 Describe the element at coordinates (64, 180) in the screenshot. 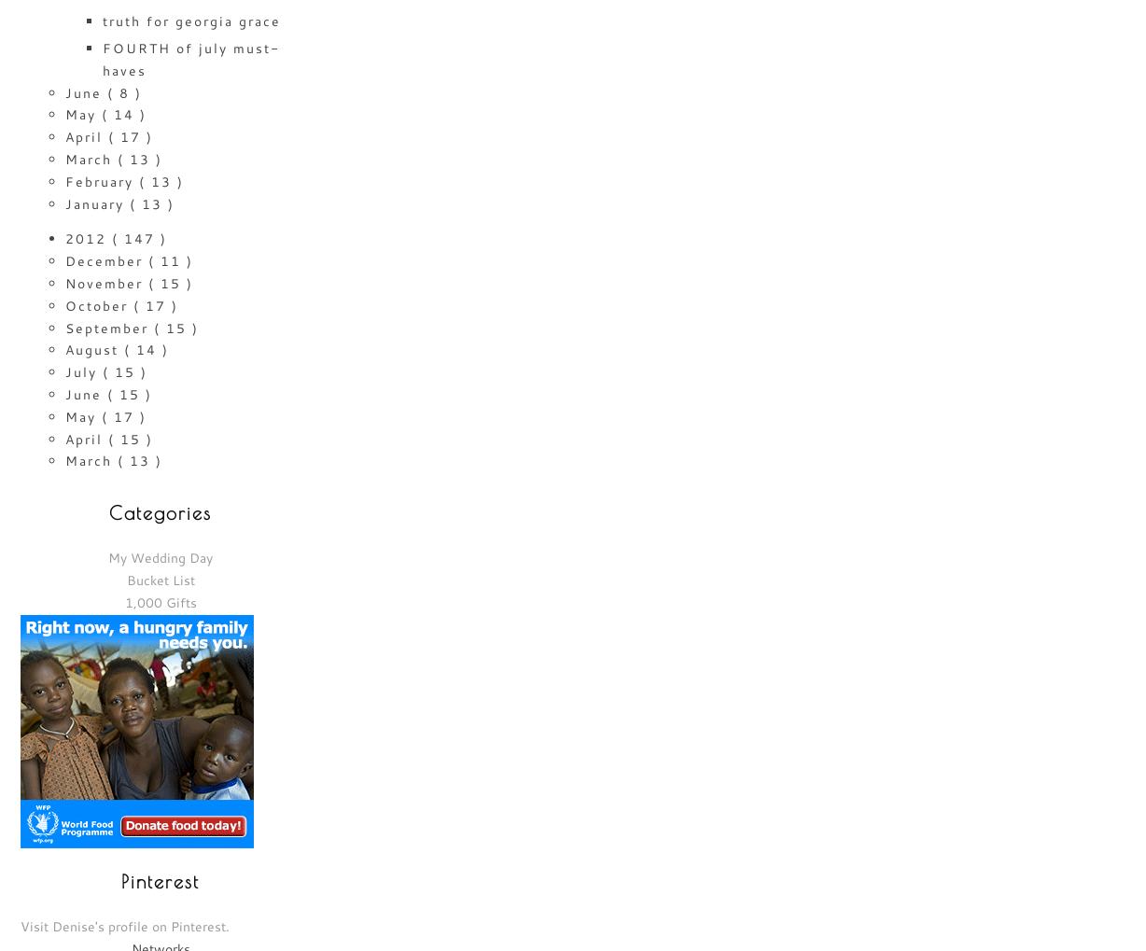

I see `'February'` at that location.